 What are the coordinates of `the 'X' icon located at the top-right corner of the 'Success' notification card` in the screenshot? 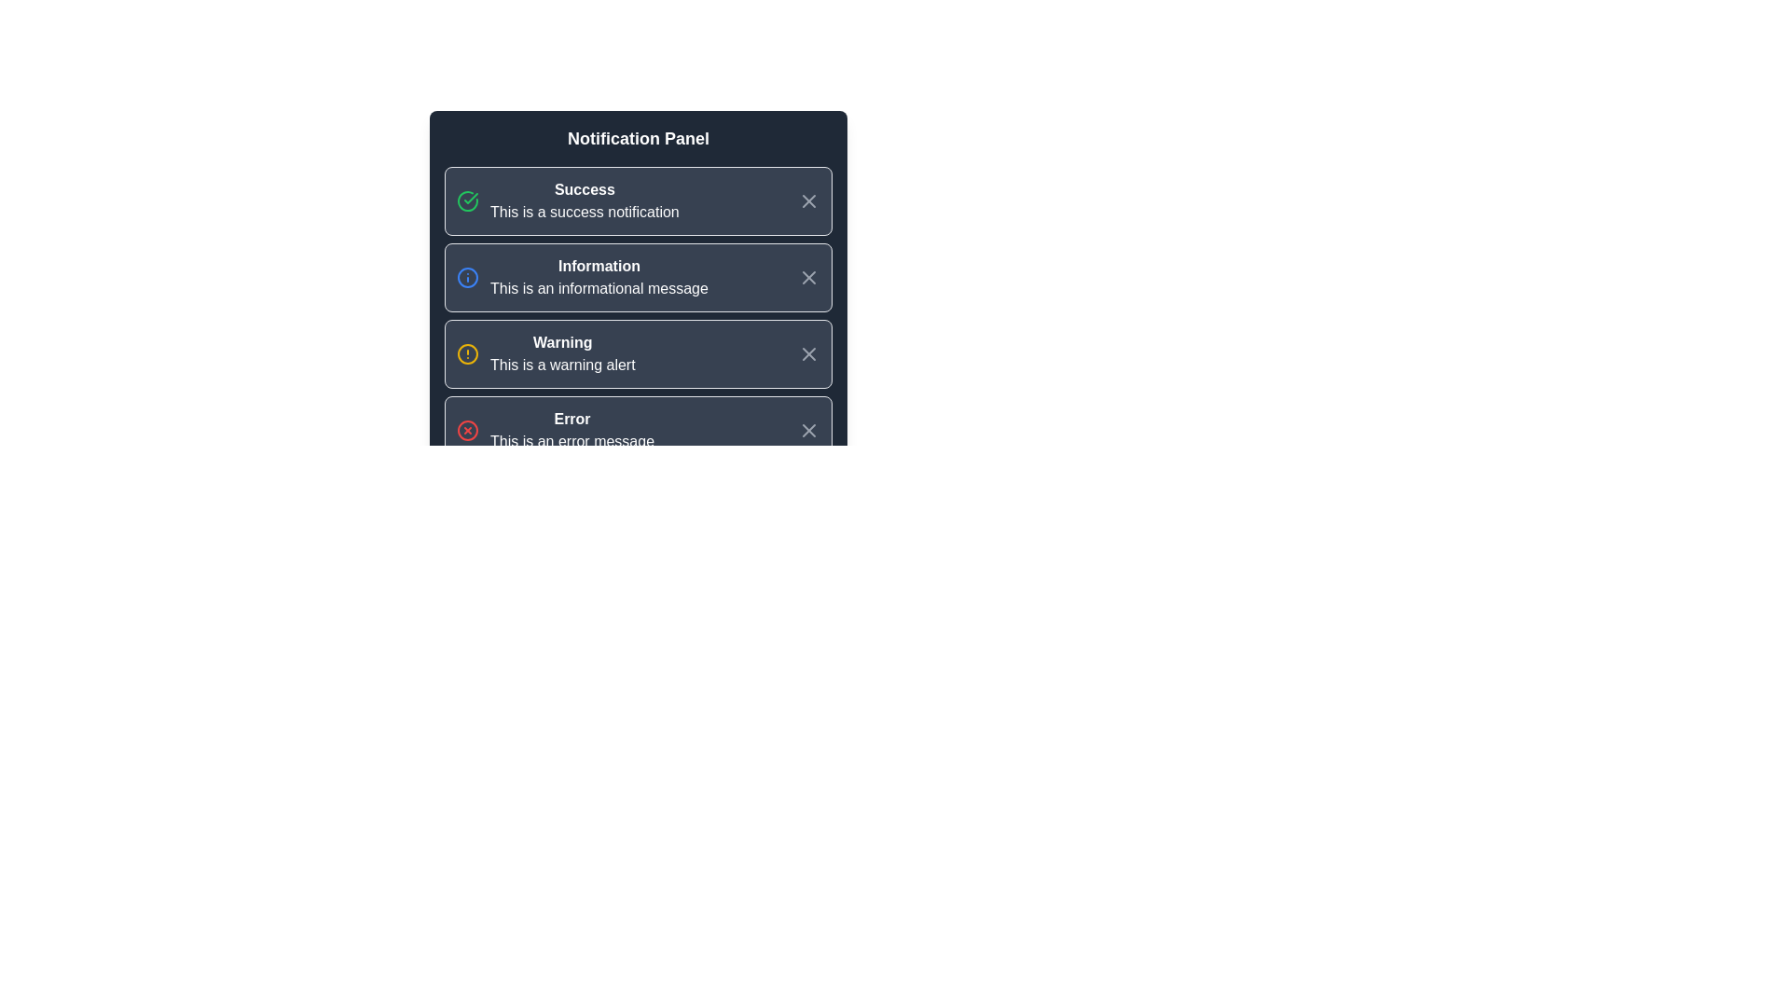 It's located at (809, 201).